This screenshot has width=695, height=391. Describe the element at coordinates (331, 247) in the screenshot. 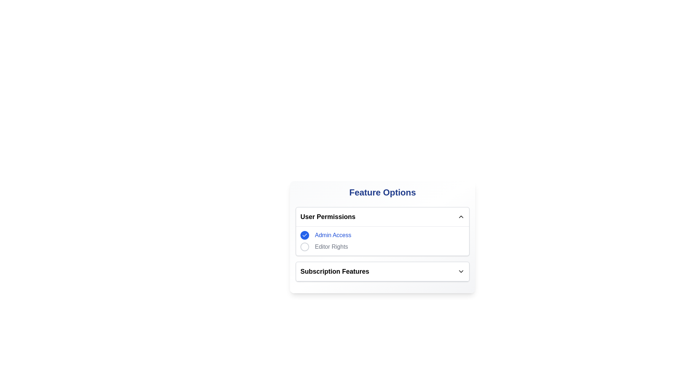

I see `the descriptive text label for the user permission option located in the 'User Permissions' section, which is situated to the right of a circular button and is the second option below 'Admin Access'` at that location.